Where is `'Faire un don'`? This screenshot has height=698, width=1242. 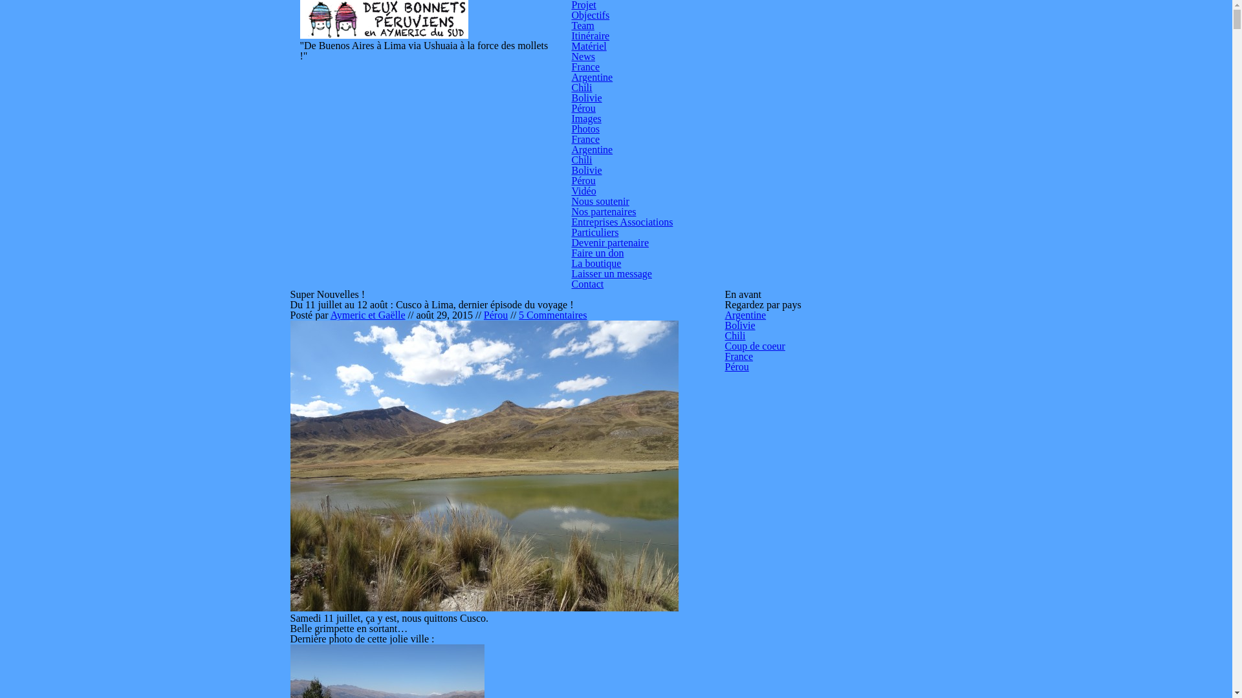
'Faire un don' is located at coordinates (571, 253).